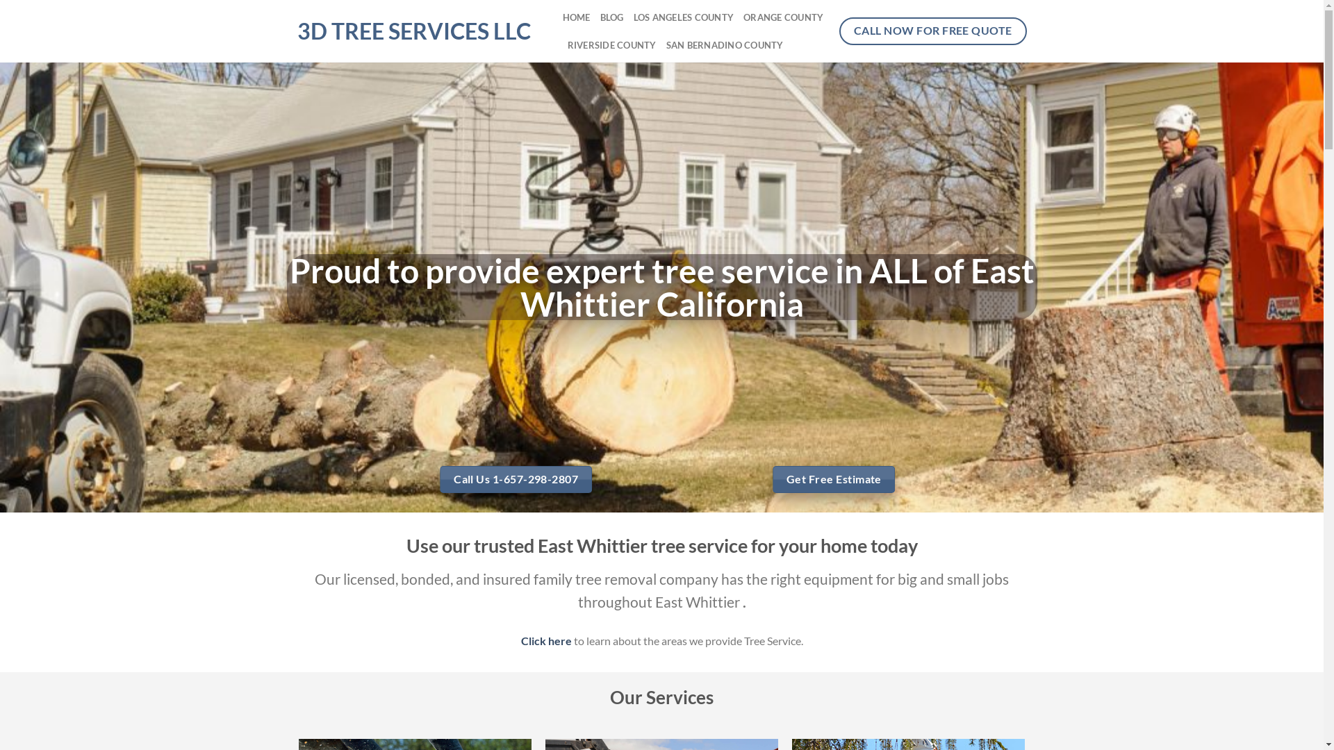  What do you see at coordinates (932, 31) in the screenshot?
I see `'CALL NOW FOR FREE QUOTE'` at bounding box center [932, 31].